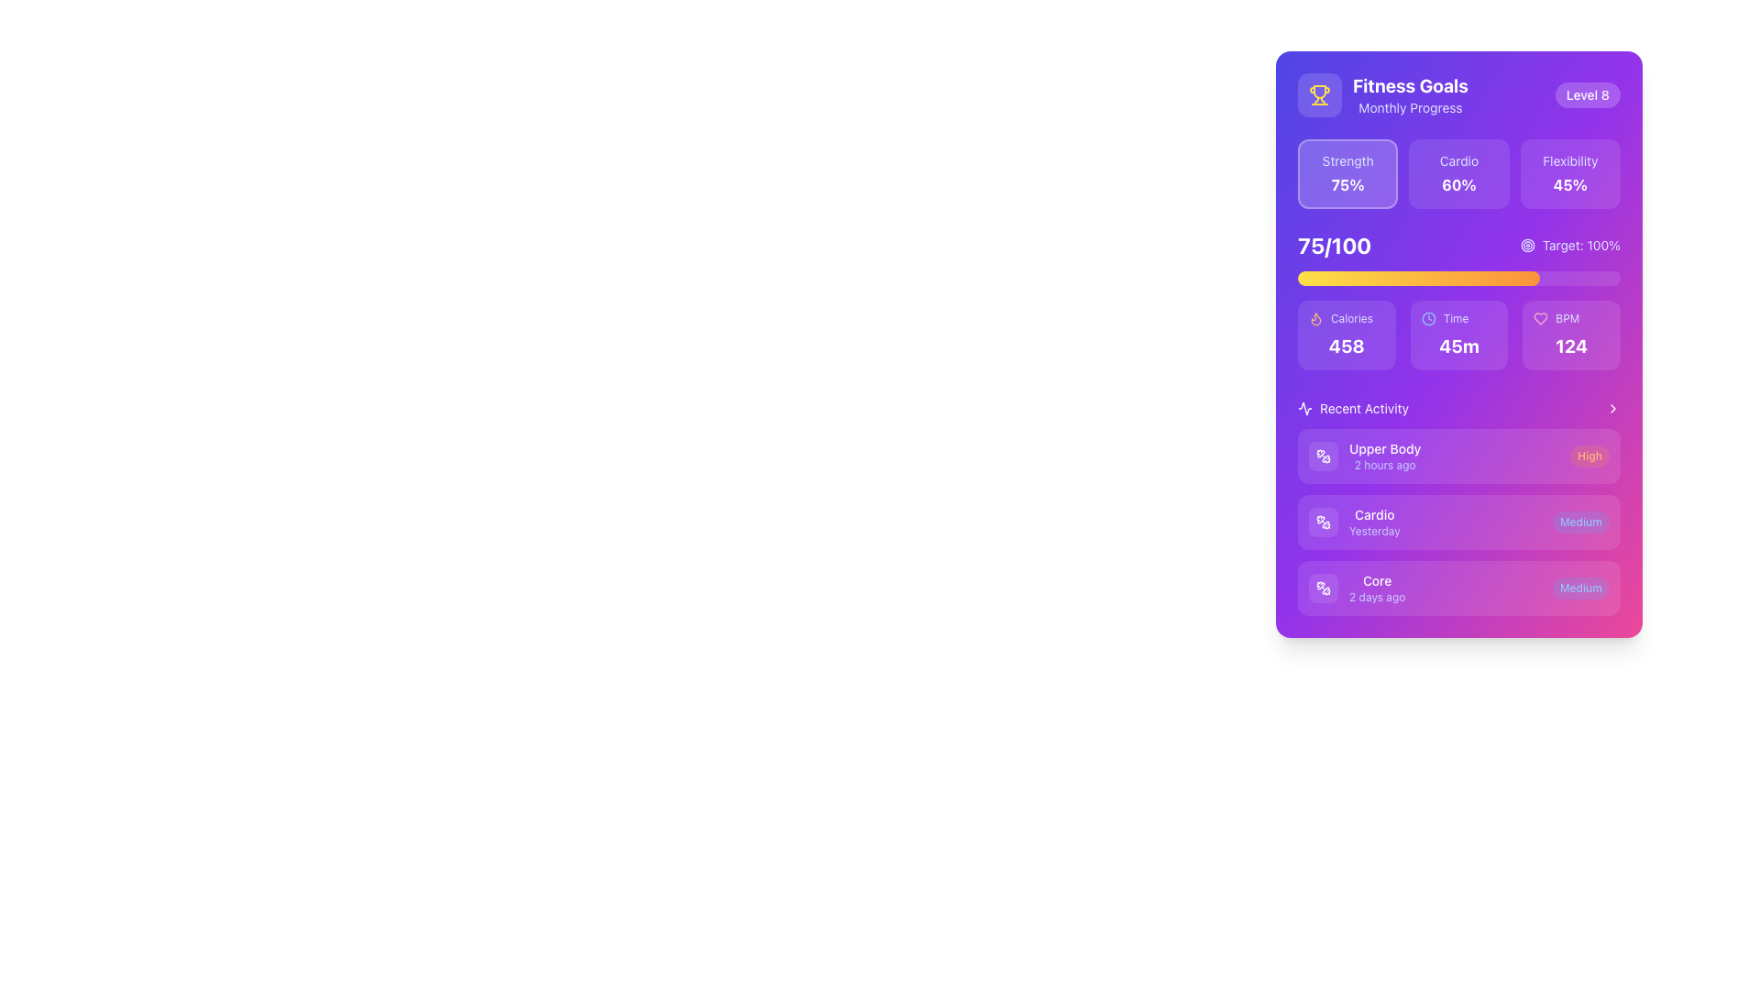 The width and height of the screenshot is (1760, 990). I want to click on the text label displaying 'Upper Body' and '2 hours ago' in the 'Recent Activity' section, which is styled in white and purple respectively, located near the top of a card interface, so click(1385, 455).